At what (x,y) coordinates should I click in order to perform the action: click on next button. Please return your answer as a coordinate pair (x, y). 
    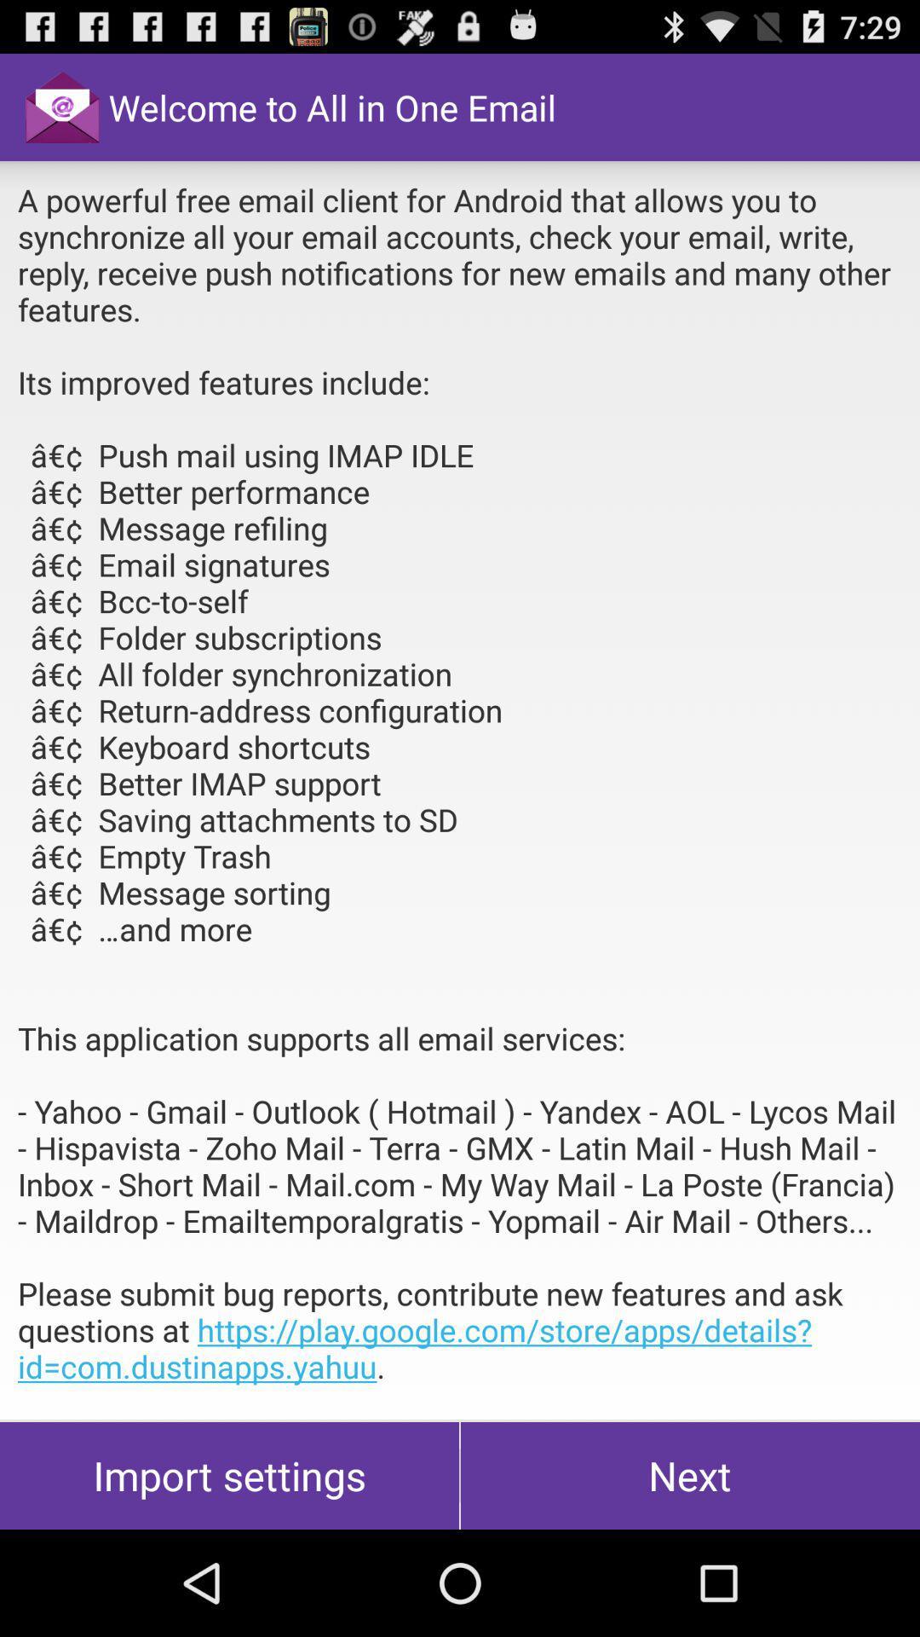
    Looking at the image, I should click on (690, 1475).